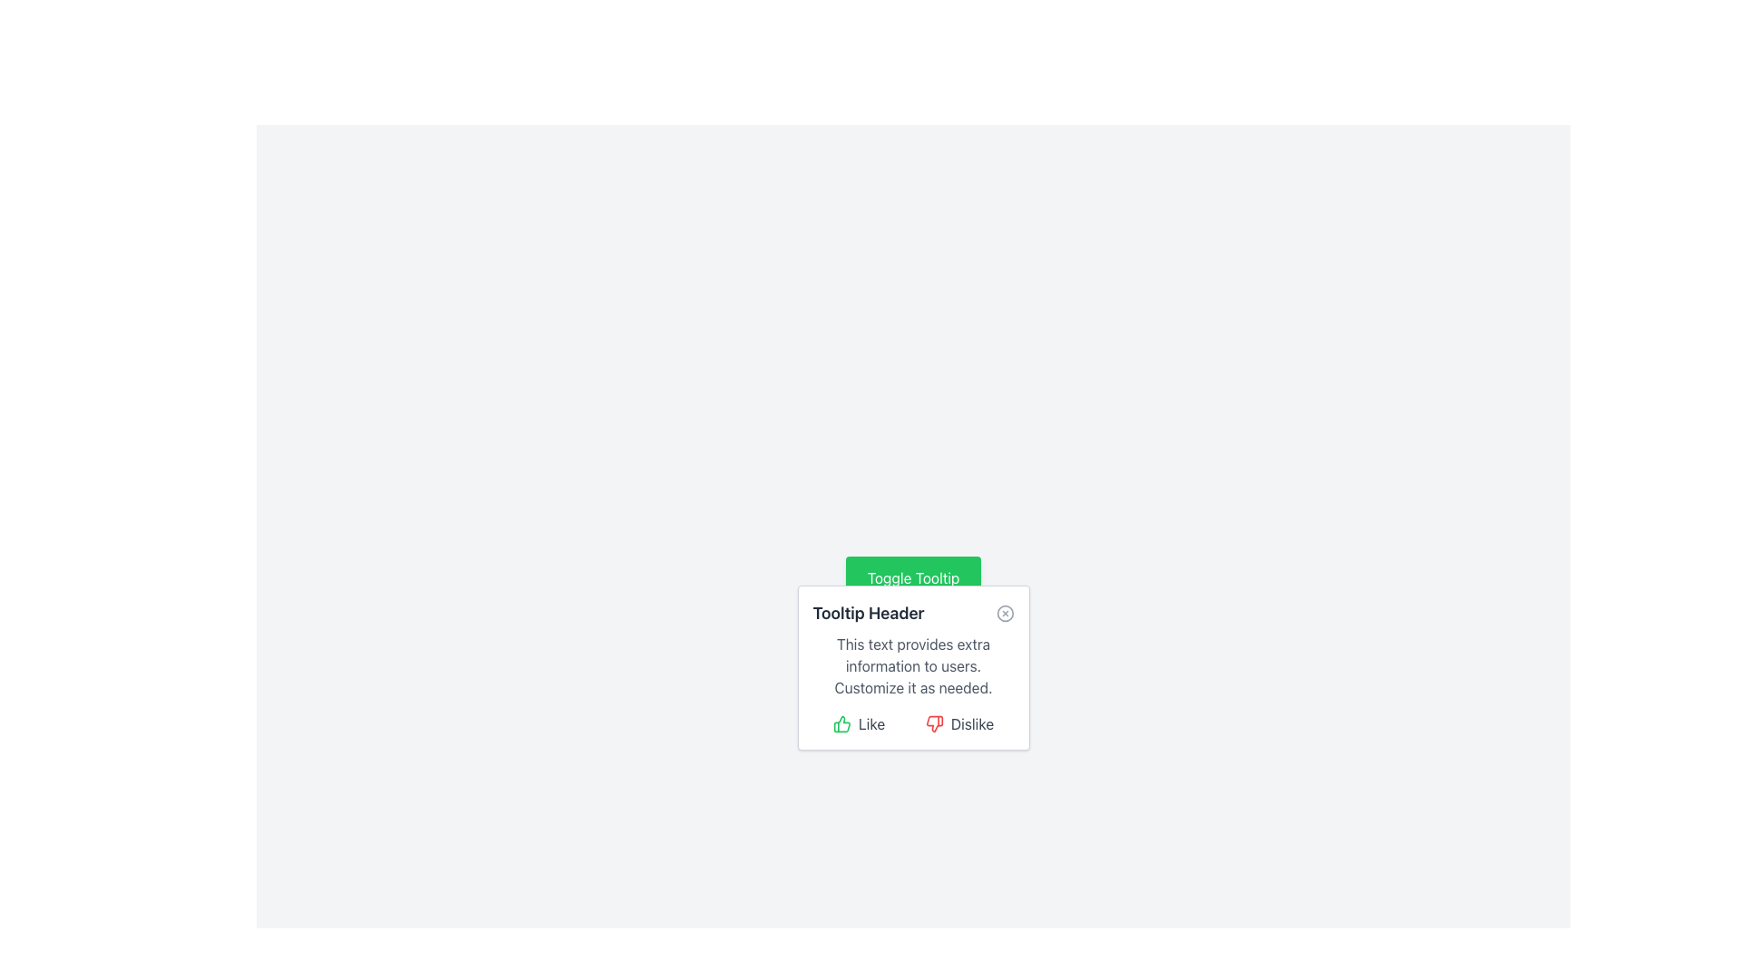  Describe the element at coordinates (958, 722) in the screenshot. I see `the disapproval button with an icon and text, which is the second interactive option within the tooltip card, located to the right of the 'Like' button at the bottom-center` at that location.